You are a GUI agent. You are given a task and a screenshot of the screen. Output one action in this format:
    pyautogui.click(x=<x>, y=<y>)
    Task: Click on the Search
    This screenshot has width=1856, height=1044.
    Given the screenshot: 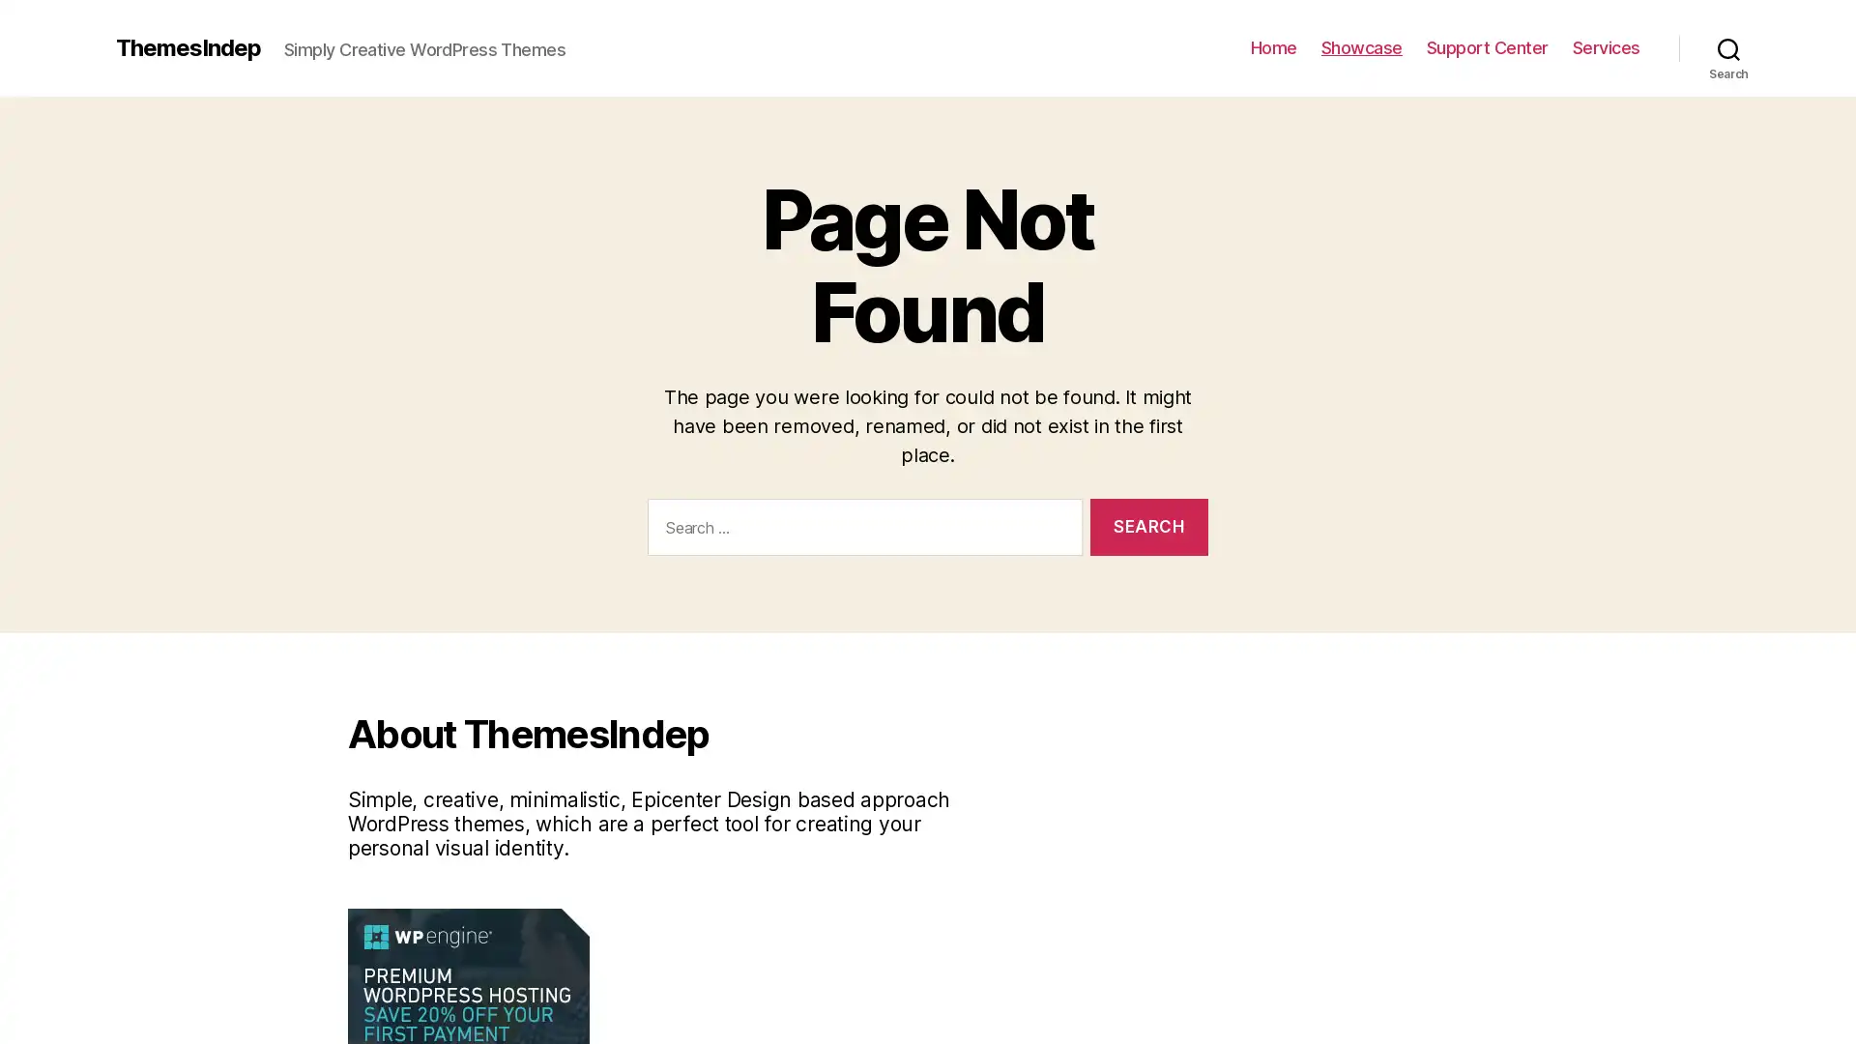 What is the action you would take?
    pyautogui.click(x=1148, y=526)
    